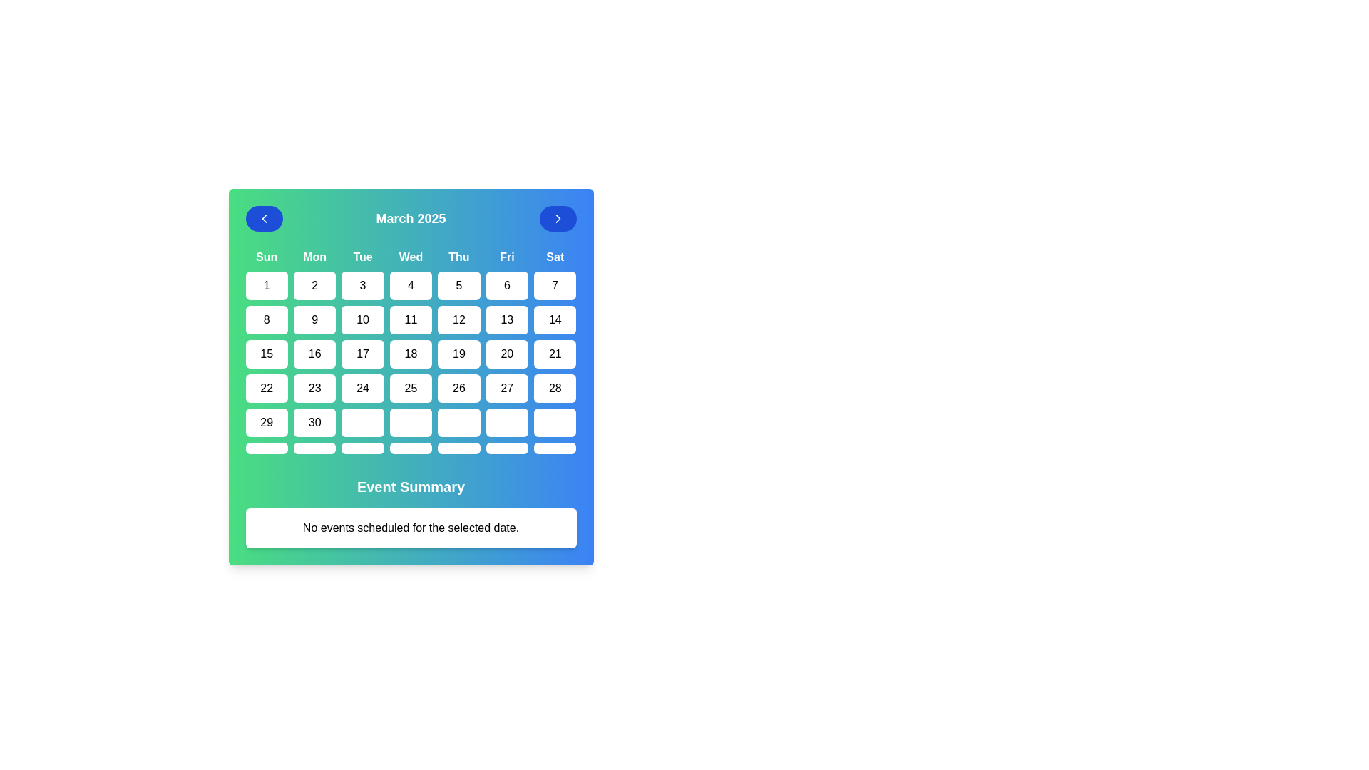  I want to click on the button representing the date '30' in the calendar view to activate it, so click(314, 422).